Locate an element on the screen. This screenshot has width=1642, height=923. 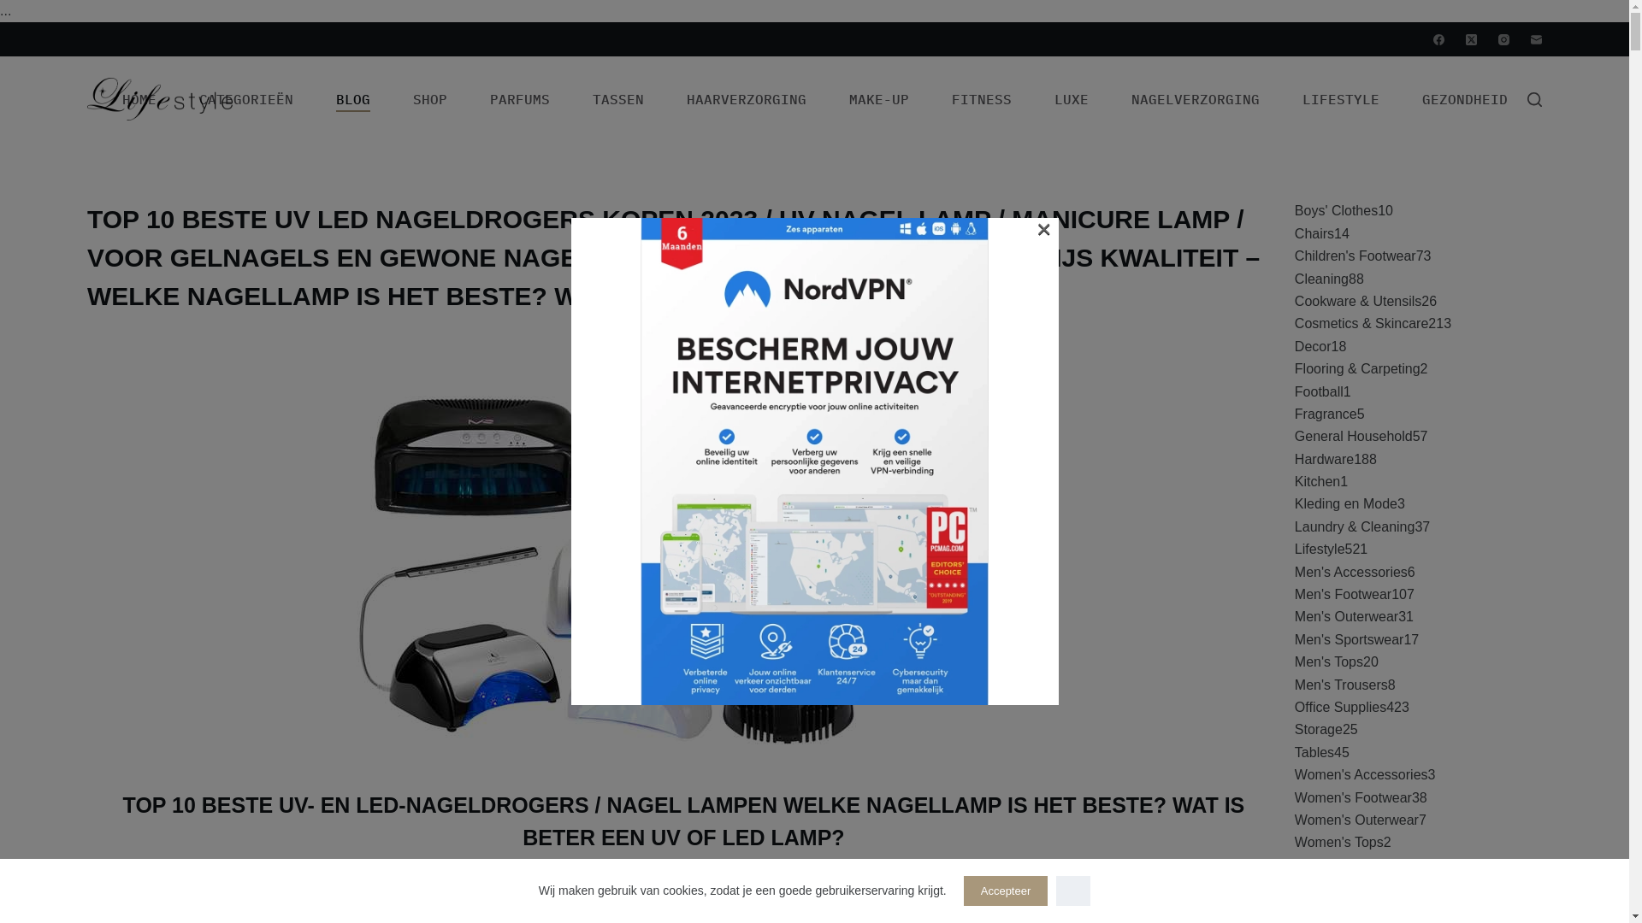
'Men's Outerwear' is located at coordinates (1345, 616).